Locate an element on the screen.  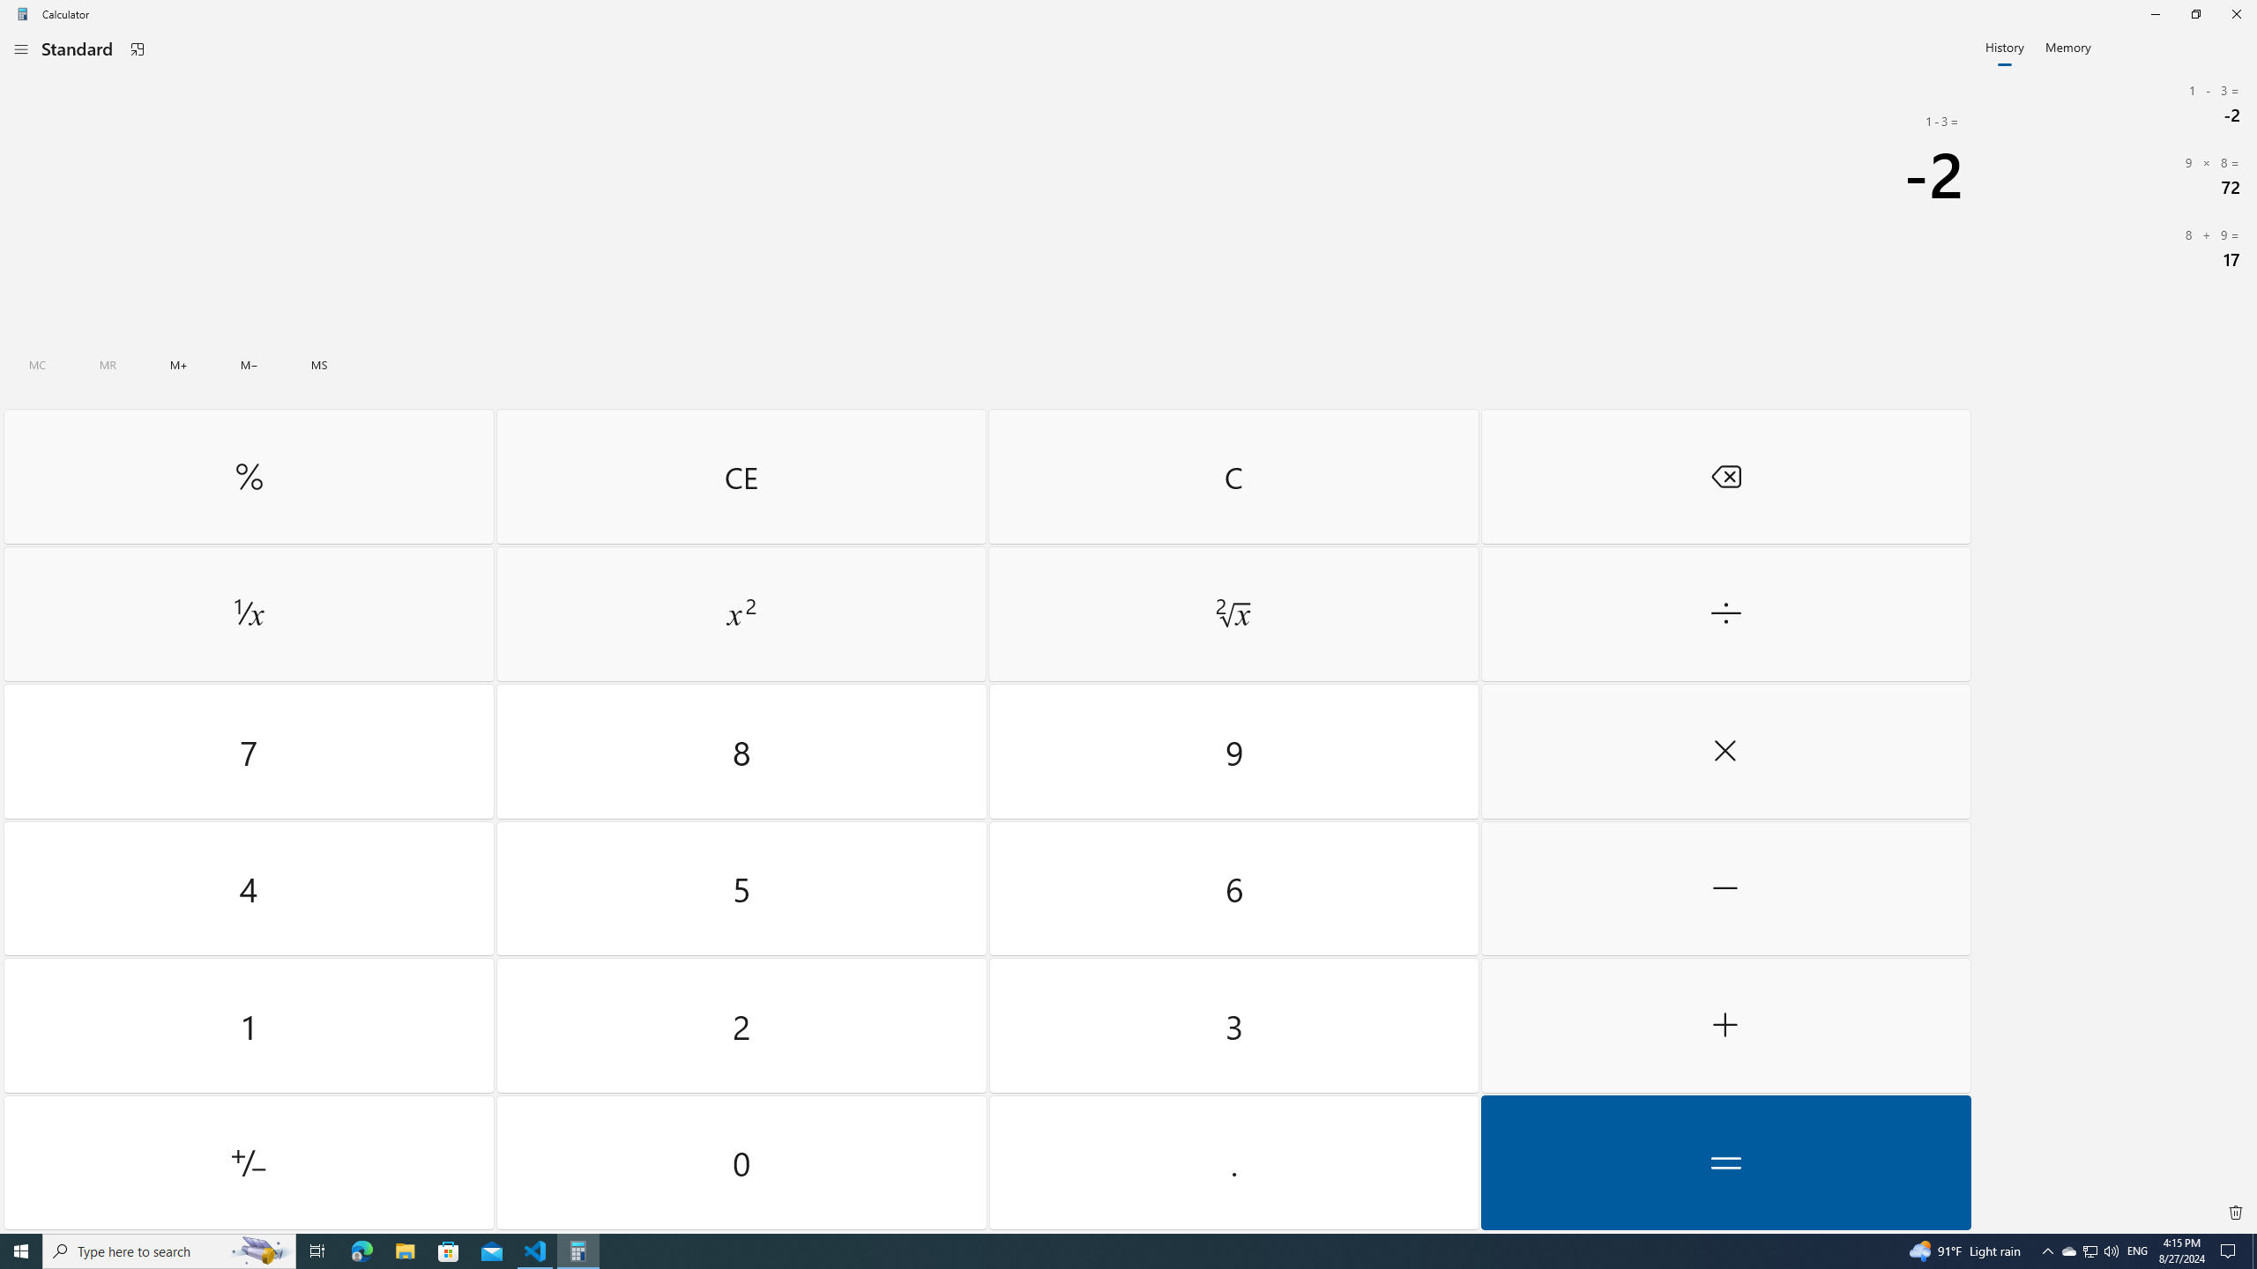
'Microsoft Edge' is located at coordinates (361, 1250).